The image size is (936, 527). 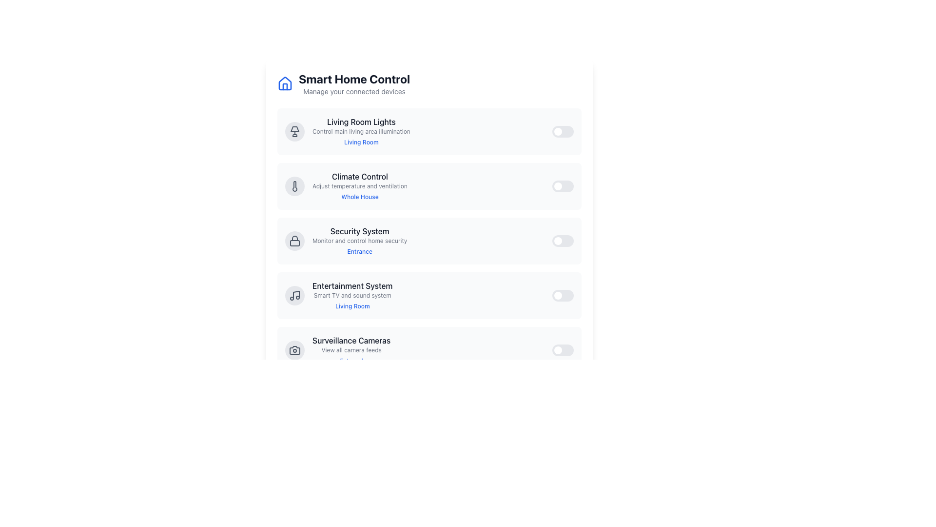 What do you see at coordinates (346, 186) in the screenshot?
I see `the Labeled list option titled 'Climate Control' with the subtitle 'Adjust temperature and ventilation' and the link 'Whole House'` at bounding box center [346, 186].